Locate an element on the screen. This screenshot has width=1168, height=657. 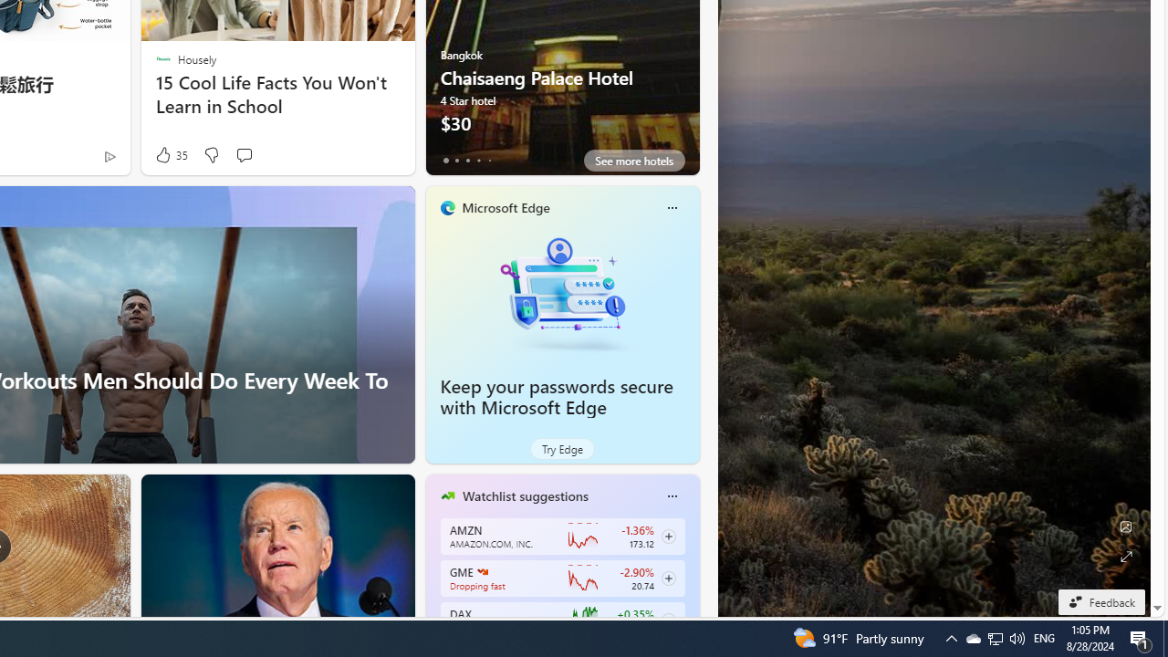
'Watchlist suggestions' is located at coordinates (524, 495).